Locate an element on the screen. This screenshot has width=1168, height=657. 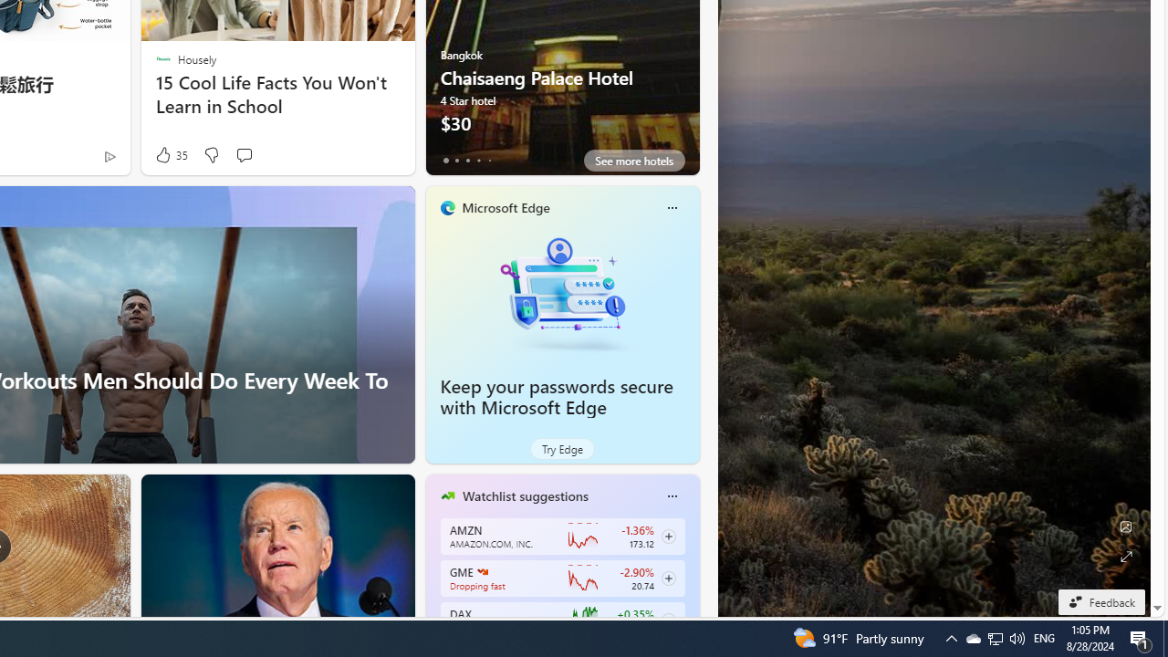
'Watchlist suggestions' is located at coordinates (524, 495).